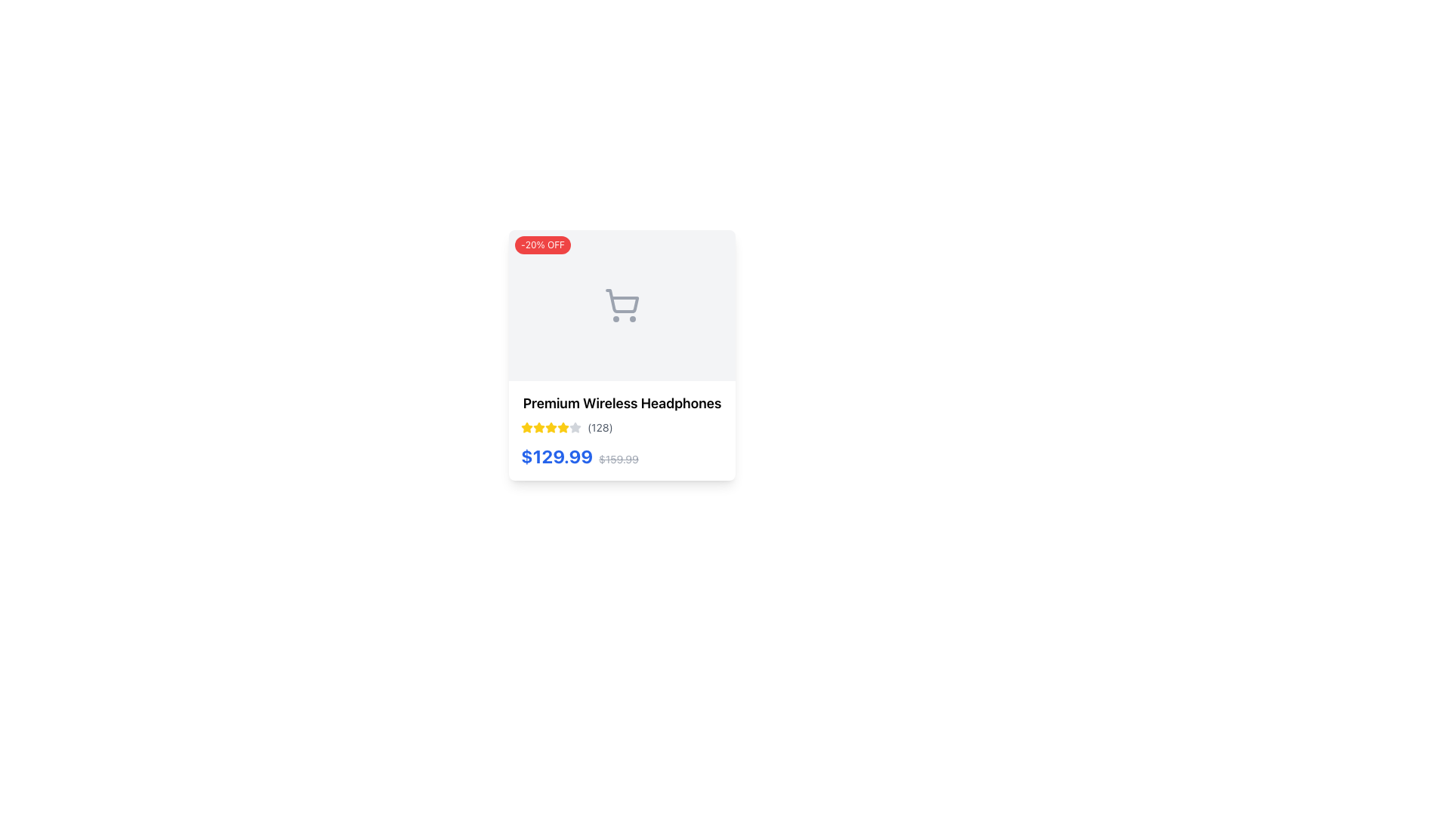 This screenshot has height=815, width=1450. I want to click on the yellow star icon, which is the third in a sequence of five star icons used for rating on the product information card, so click(539, 428).